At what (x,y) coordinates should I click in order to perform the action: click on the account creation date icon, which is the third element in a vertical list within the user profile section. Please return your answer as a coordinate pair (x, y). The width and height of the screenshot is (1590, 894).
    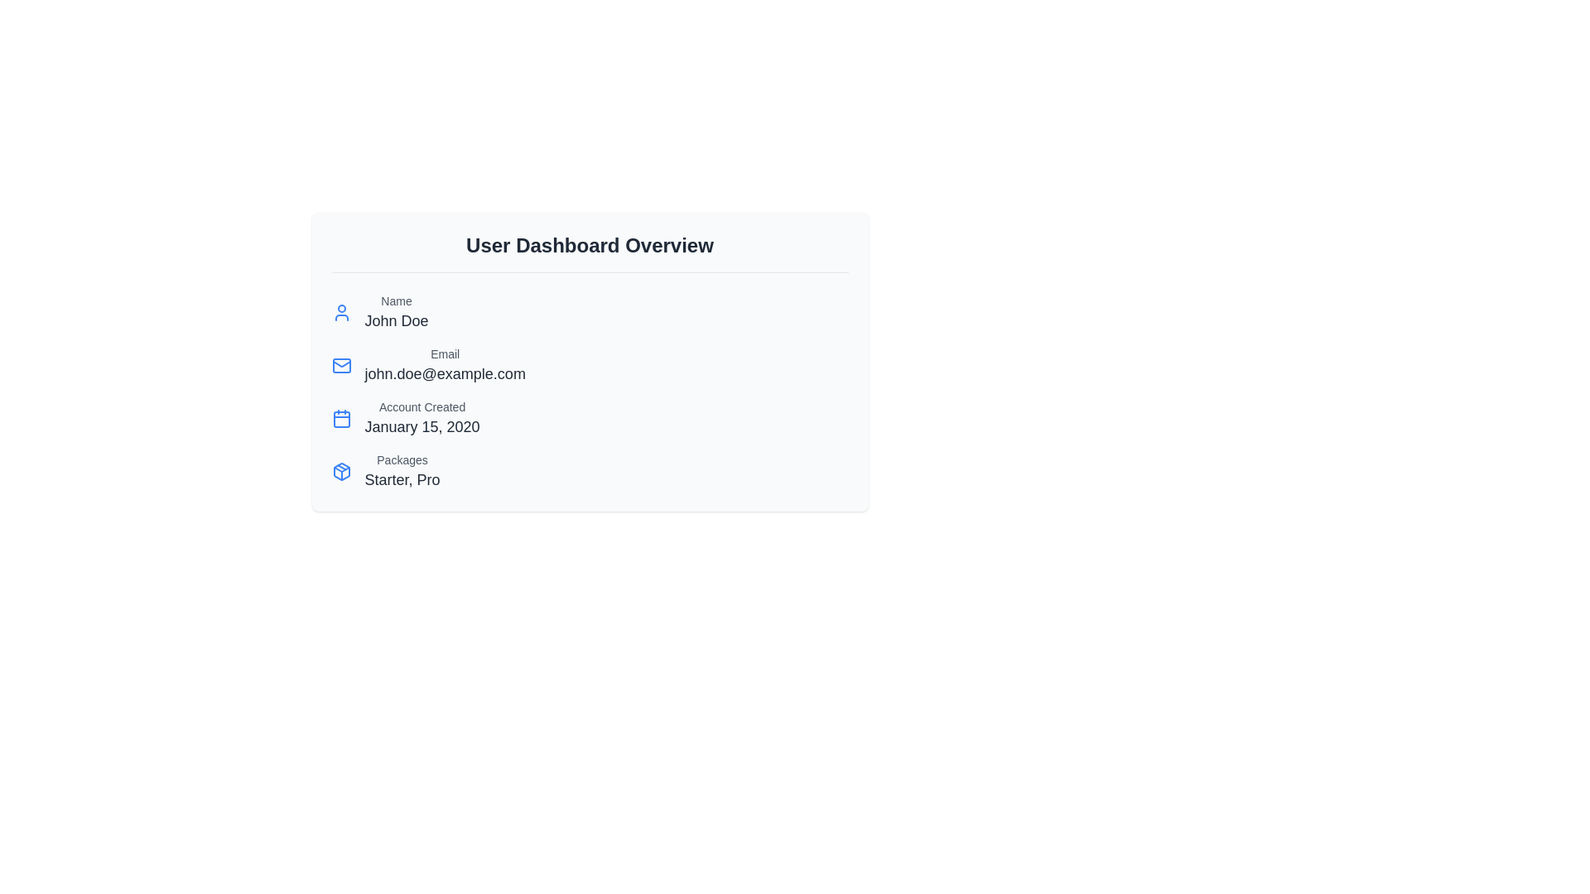
    Looking at the image, I should click on (340, 417).